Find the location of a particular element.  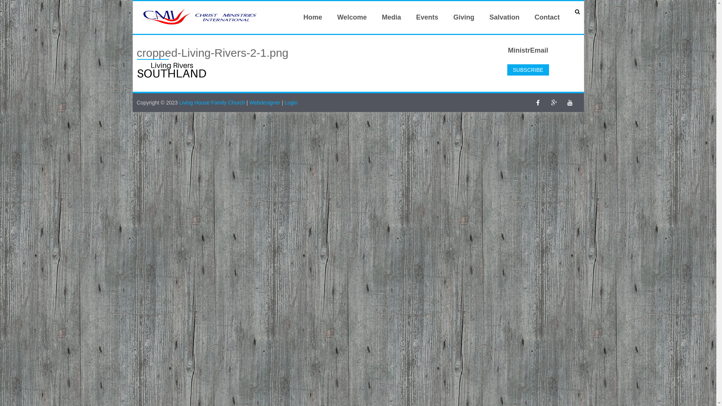

'Contact' is located at coordinates (526, 17).